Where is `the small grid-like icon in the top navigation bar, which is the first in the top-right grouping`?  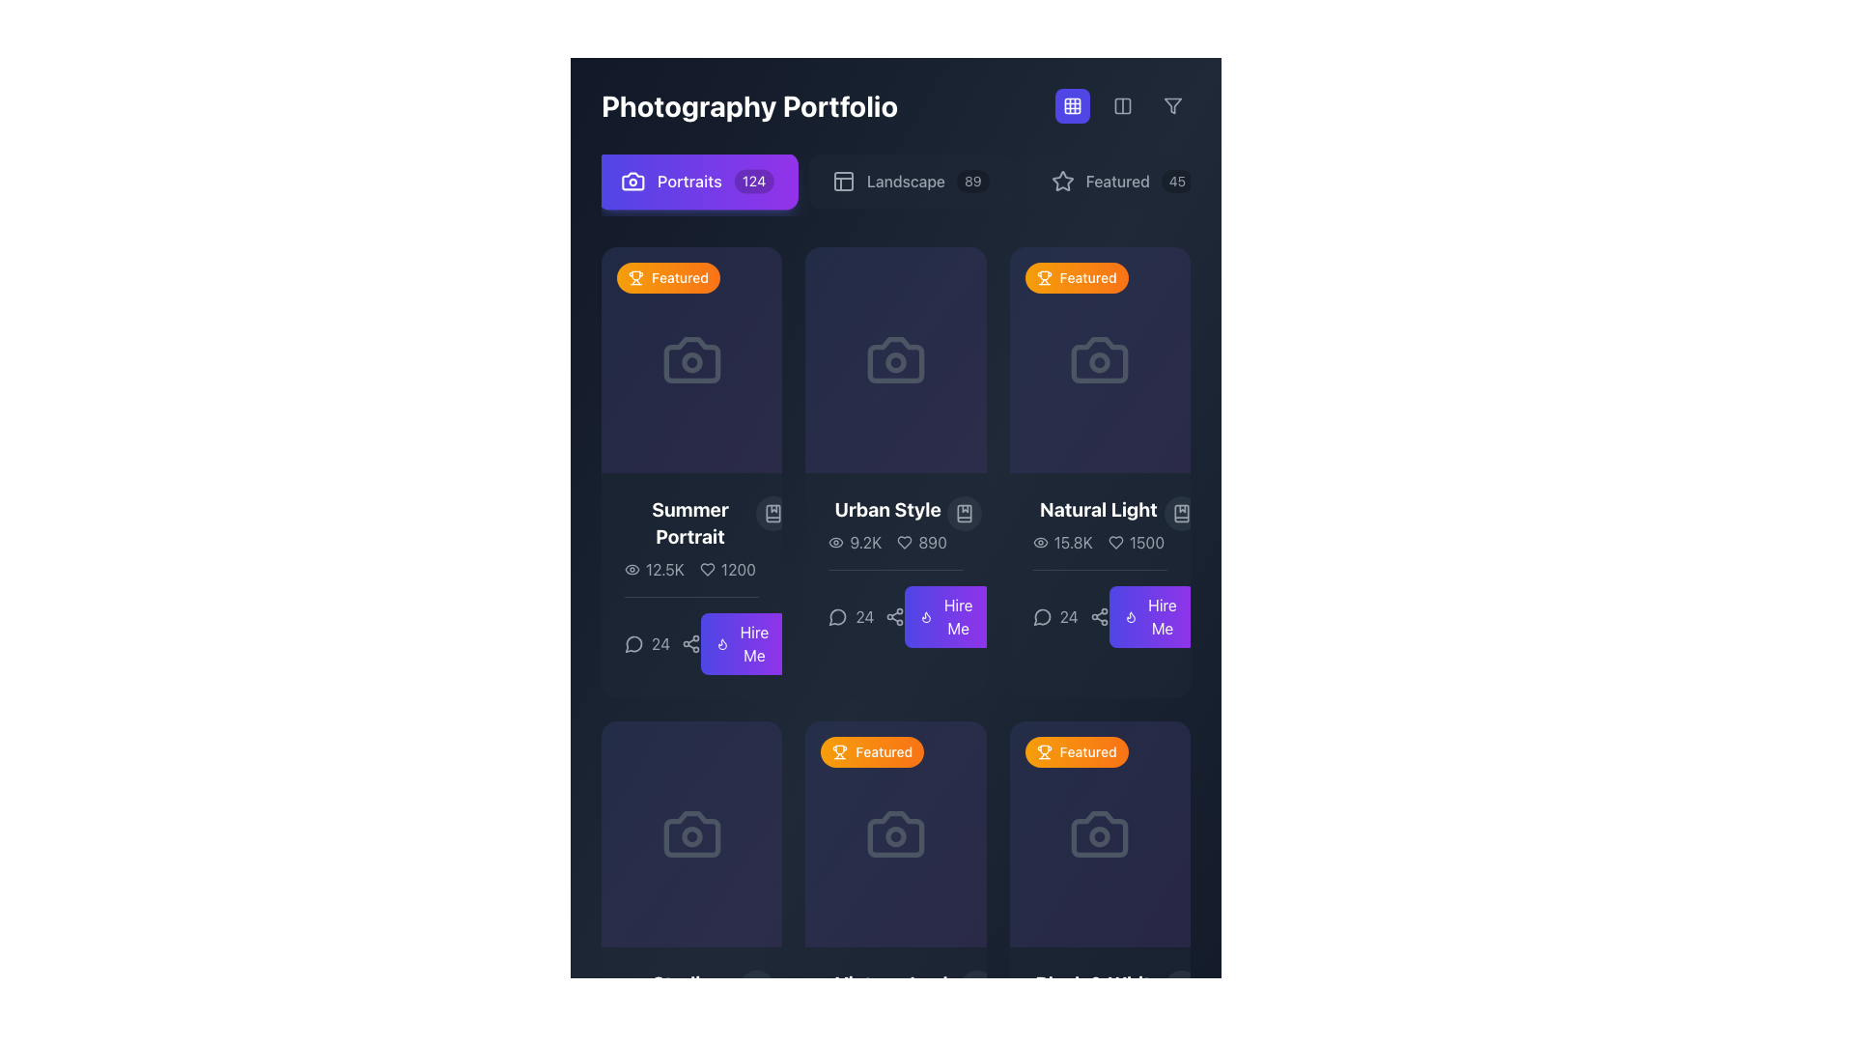
the small grid-like icon in the top navigation bar, which is the first in the top-right grouping is located at coordinates (1071, 106).